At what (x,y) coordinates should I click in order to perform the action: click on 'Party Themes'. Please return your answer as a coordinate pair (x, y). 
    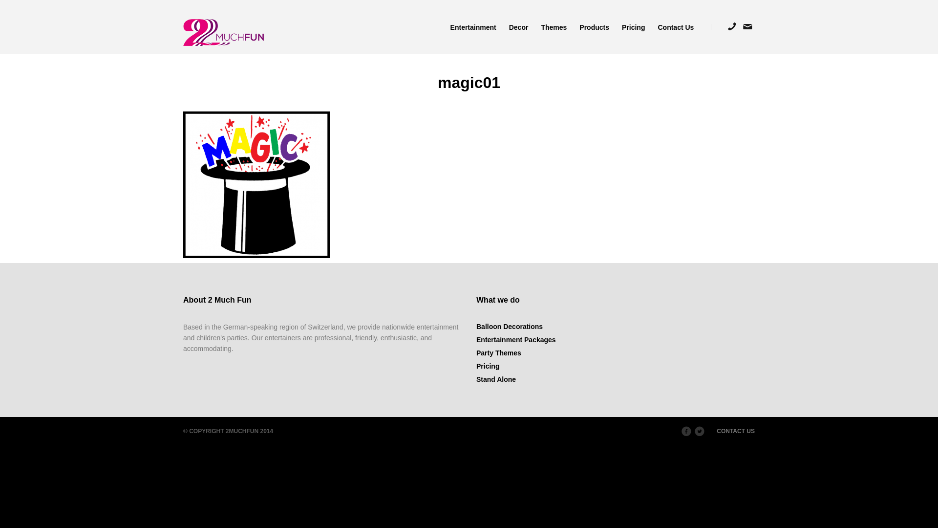
    Looking at the image, I should click on (499, 352).